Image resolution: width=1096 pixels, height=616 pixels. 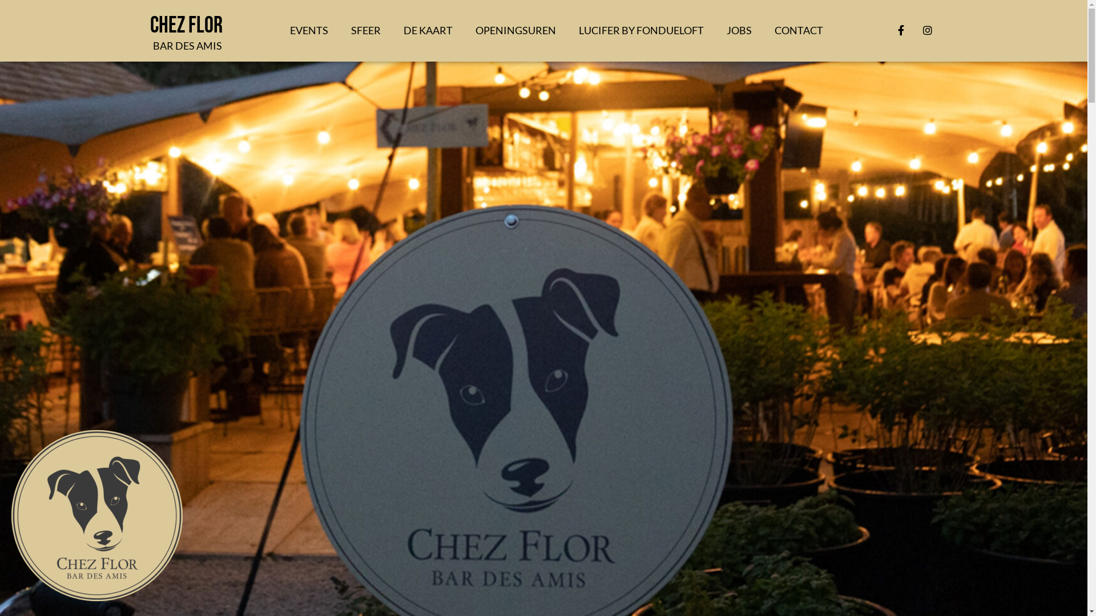 I want to click on 'JOBS', so click(x=739, y=30).